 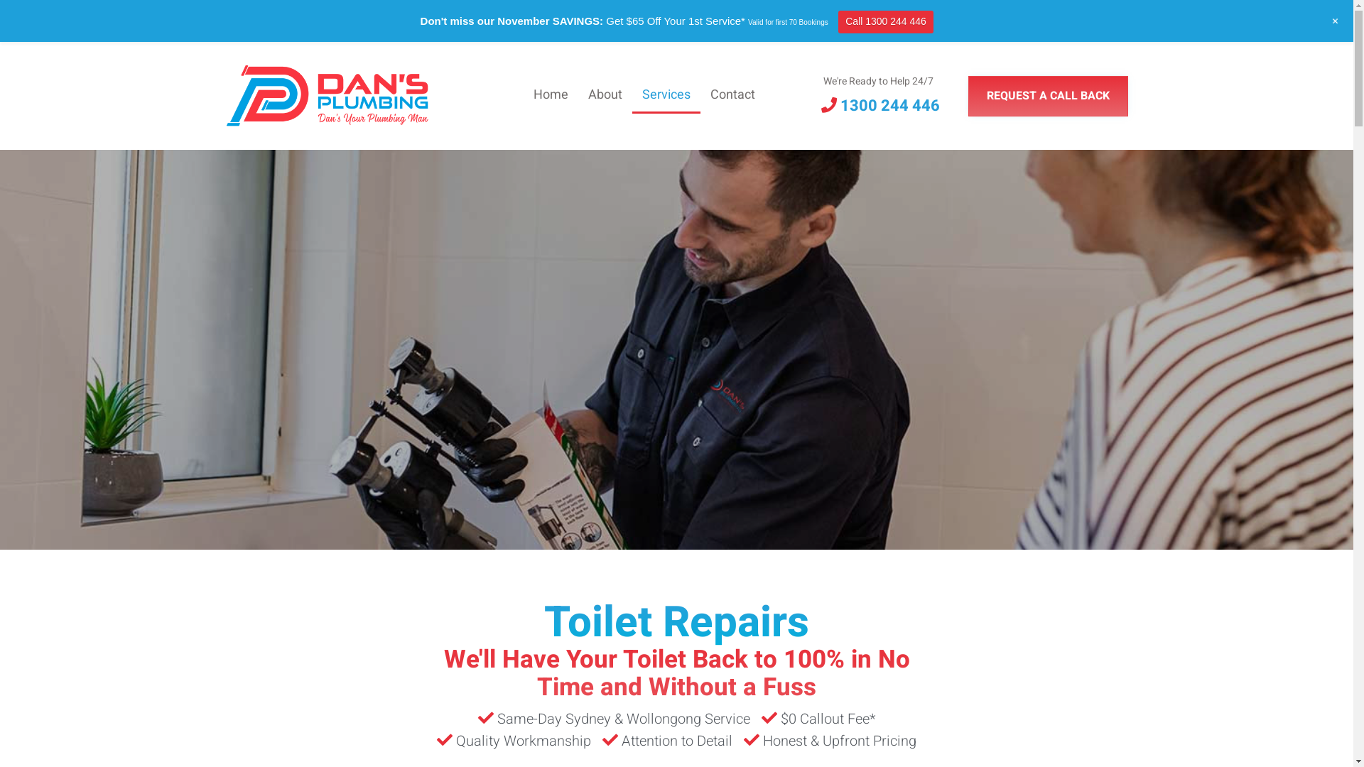 I want to click on 'Services', so click(x=665, y=96).